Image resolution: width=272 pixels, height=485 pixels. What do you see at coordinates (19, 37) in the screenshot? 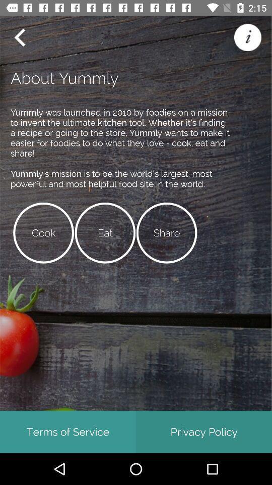
I see `the arrow_backward icon` at bounding box center [19, 37].